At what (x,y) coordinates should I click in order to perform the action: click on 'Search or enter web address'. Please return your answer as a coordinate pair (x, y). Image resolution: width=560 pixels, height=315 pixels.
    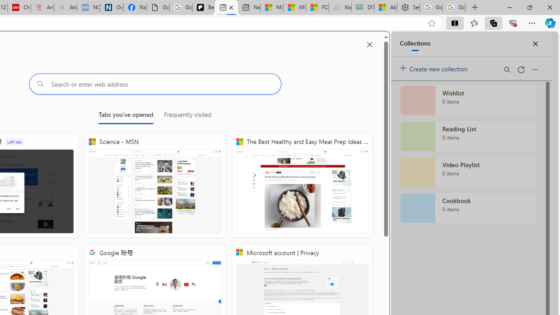
    Looking at the image, I should click on (155, 84).